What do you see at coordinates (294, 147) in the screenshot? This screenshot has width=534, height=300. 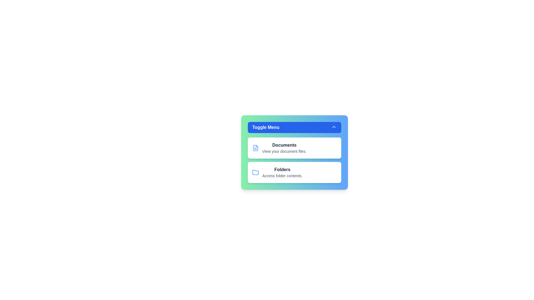 I see `the menu item Documents to trigger its action` at bounding box center [294, 147].